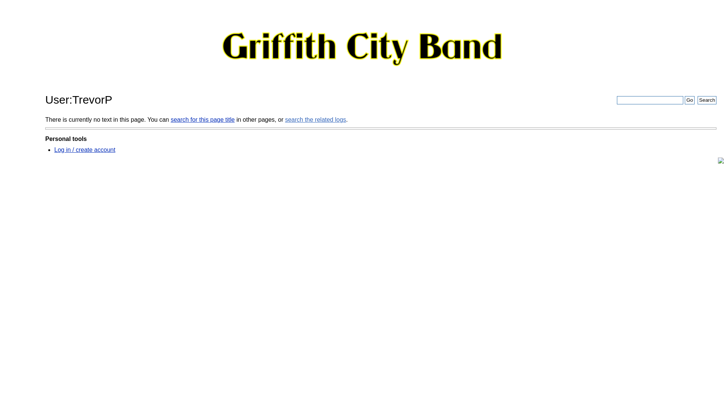 This screenshot has height=407, width=724. Describe the element at coordinates (649, 100) in the screenshot. I see `'Search Griffith City Band [f]'` at that location.